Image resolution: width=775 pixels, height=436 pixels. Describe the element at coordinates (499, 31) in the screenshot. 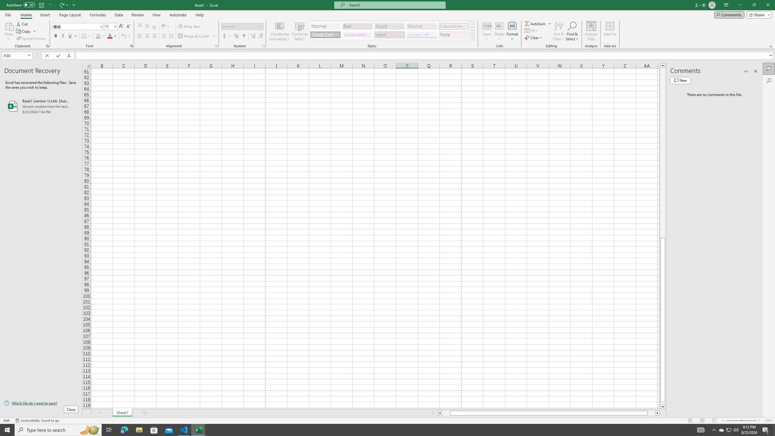

I see `'Delete'` at that location.